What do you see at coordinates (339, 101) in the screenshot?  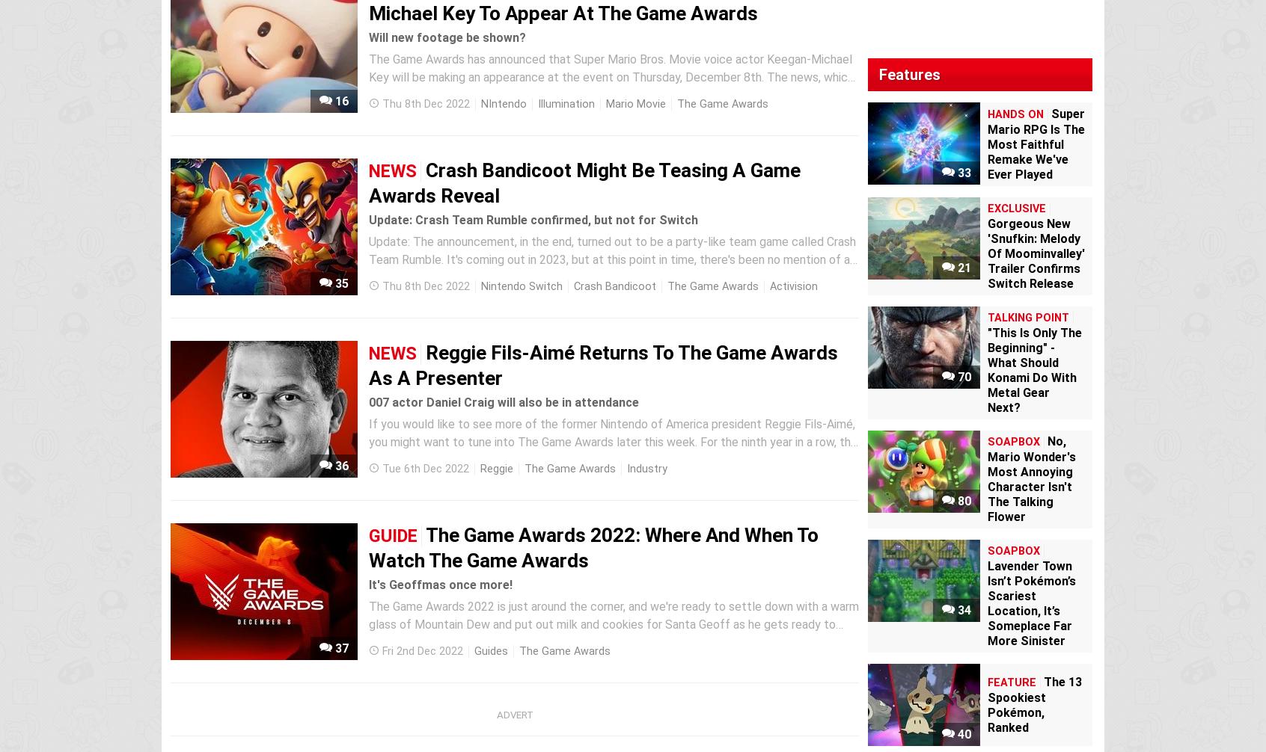 I see `'16'` at bounding box center [339, 101].